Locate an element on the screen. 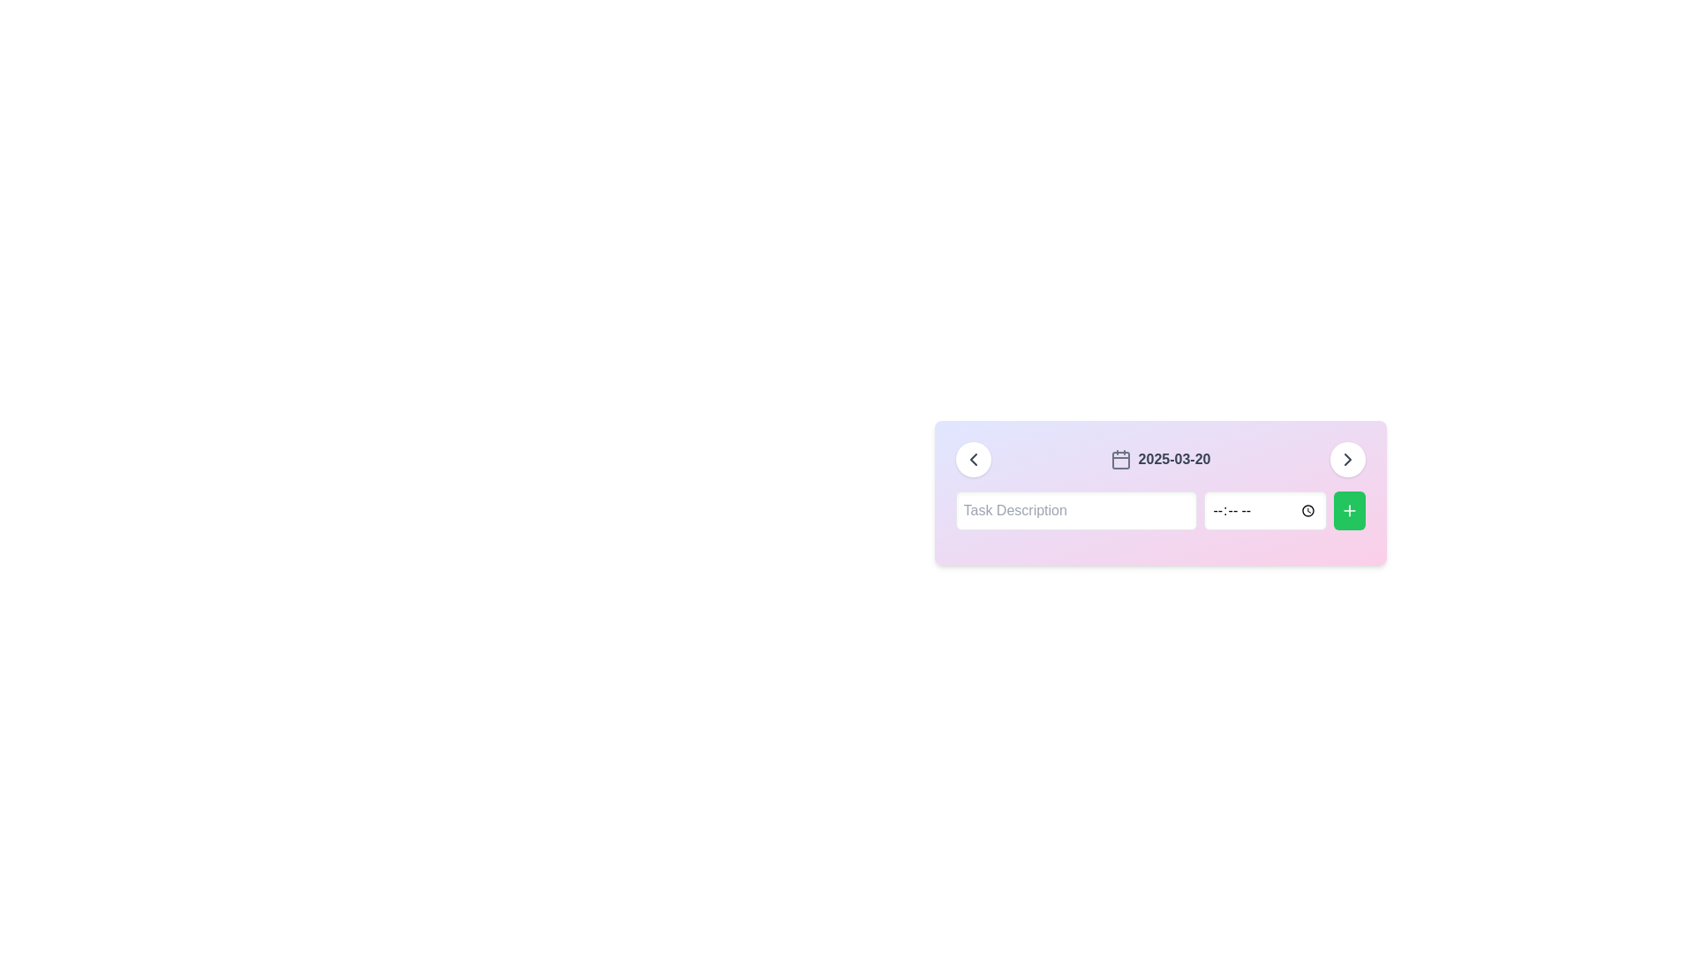 This screenshot has height=953, width=1695. the button in the task entry interface is located at coordinates (1160, 510).